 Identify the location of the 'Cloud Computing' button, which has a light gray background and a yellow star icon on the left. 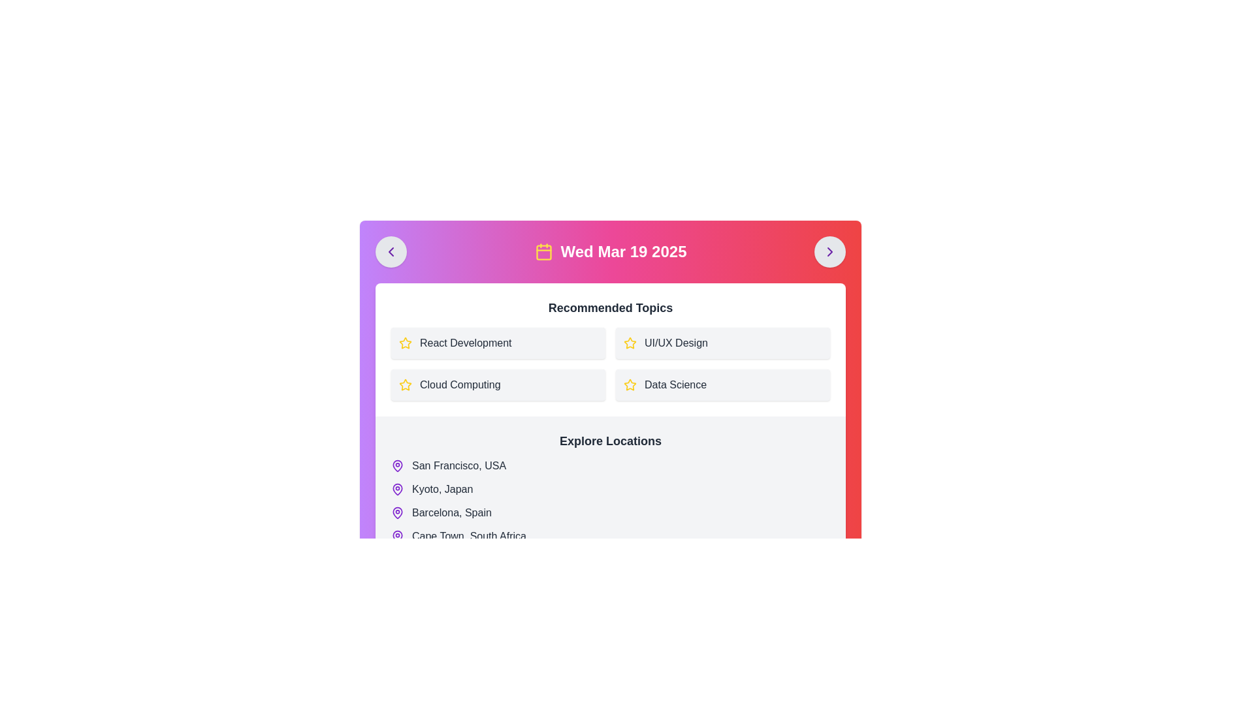
(498, 384).